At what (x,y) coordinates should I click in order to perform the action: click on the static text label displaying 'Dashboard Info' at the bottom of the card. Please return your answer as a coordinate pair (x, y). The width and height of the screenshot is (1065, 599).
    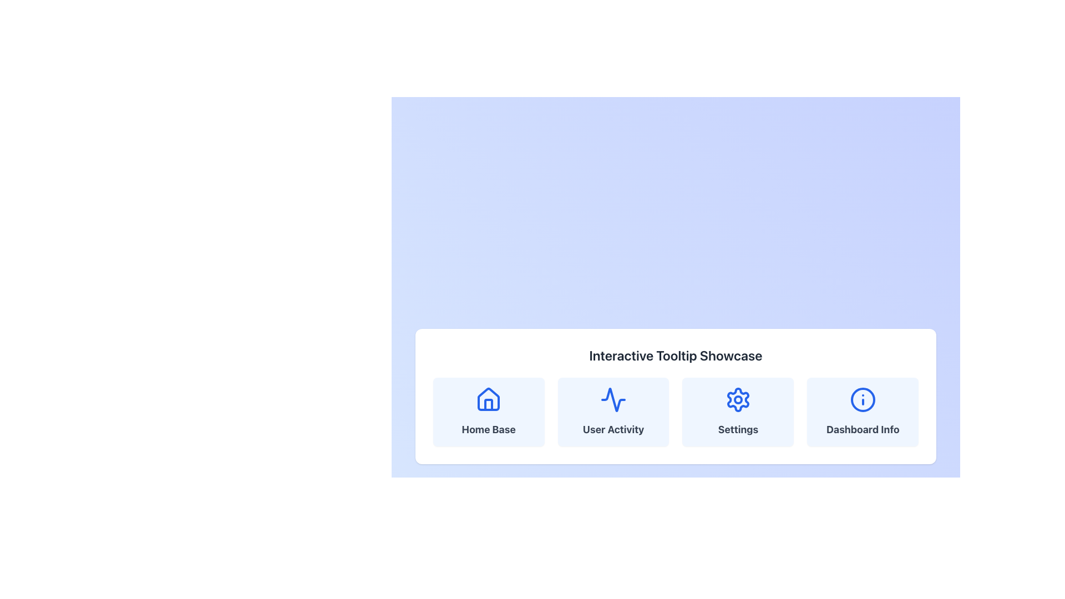
    Looking at the image, I should click on (862, 429).